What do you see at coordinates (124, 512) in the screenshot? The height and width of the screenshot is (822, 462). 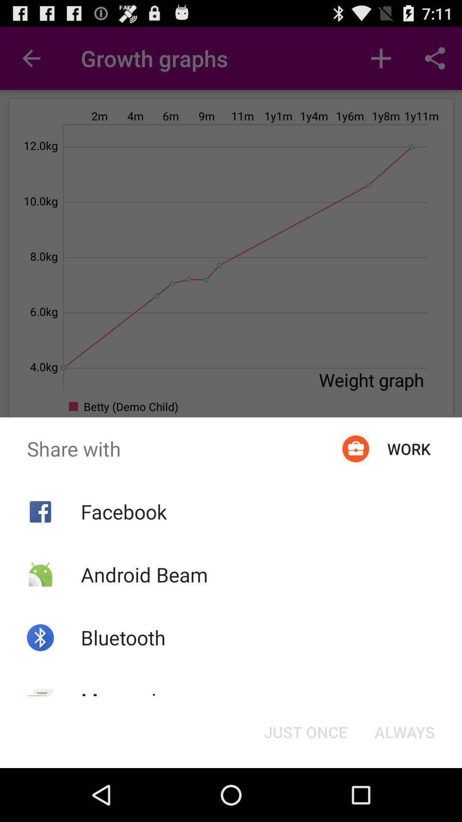 I see `icon below the share with icon` at bounding box center [124, 512].